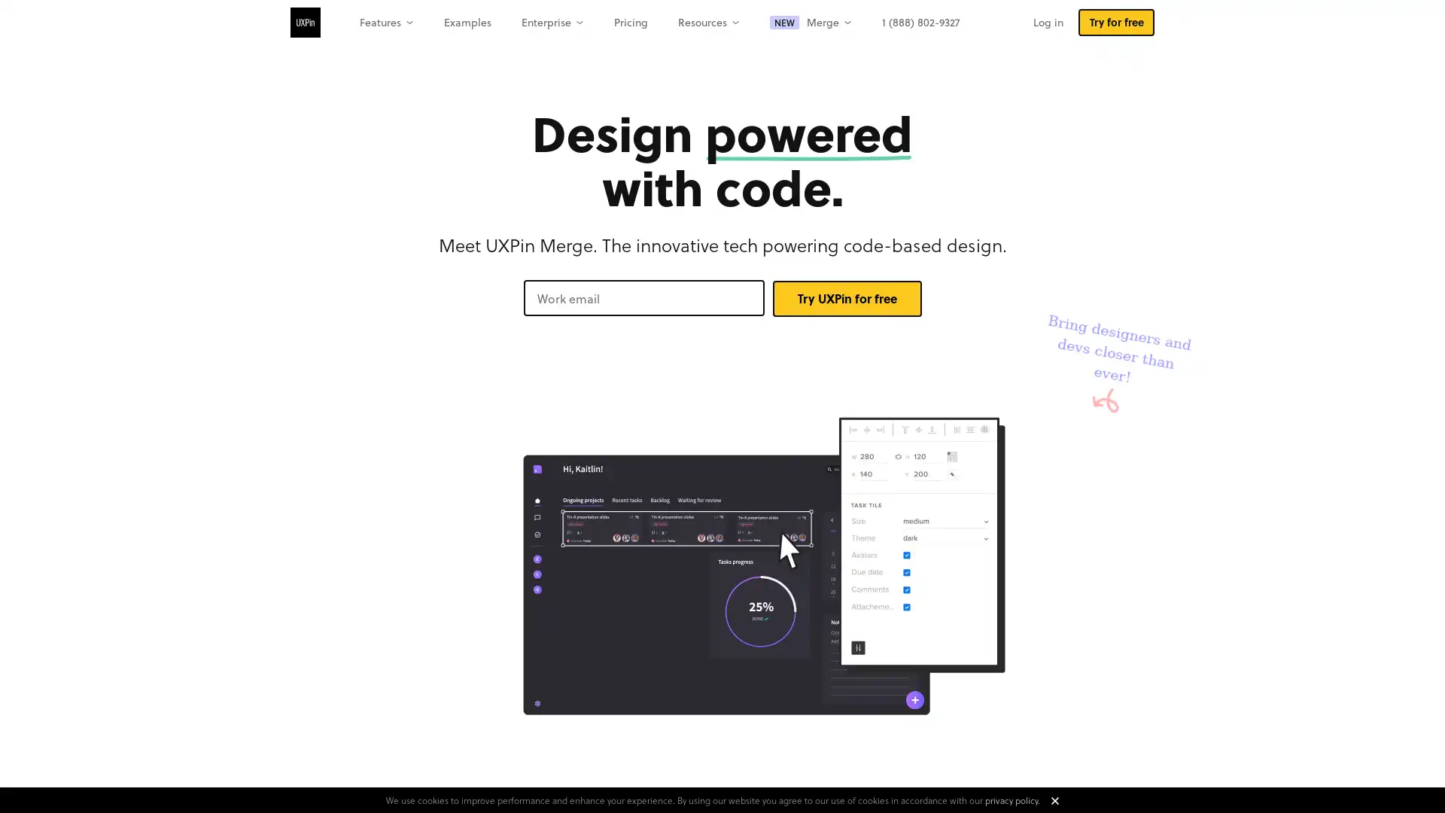 This screenshot has height=813, width=1445. I want to click on Close, so click(1054, 800).